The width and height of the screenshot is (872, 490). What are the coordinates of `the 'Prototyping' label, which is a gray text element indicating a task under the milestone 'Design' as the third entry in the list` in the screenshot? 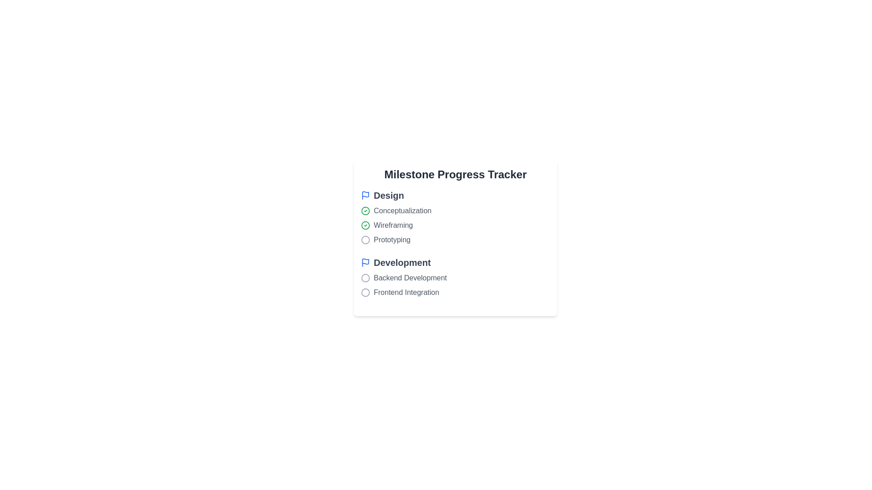 It's located at (392, 239).